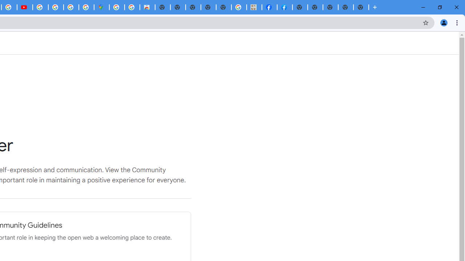  I want to click on 'Sign Up for Facebook', so click(284, 7).